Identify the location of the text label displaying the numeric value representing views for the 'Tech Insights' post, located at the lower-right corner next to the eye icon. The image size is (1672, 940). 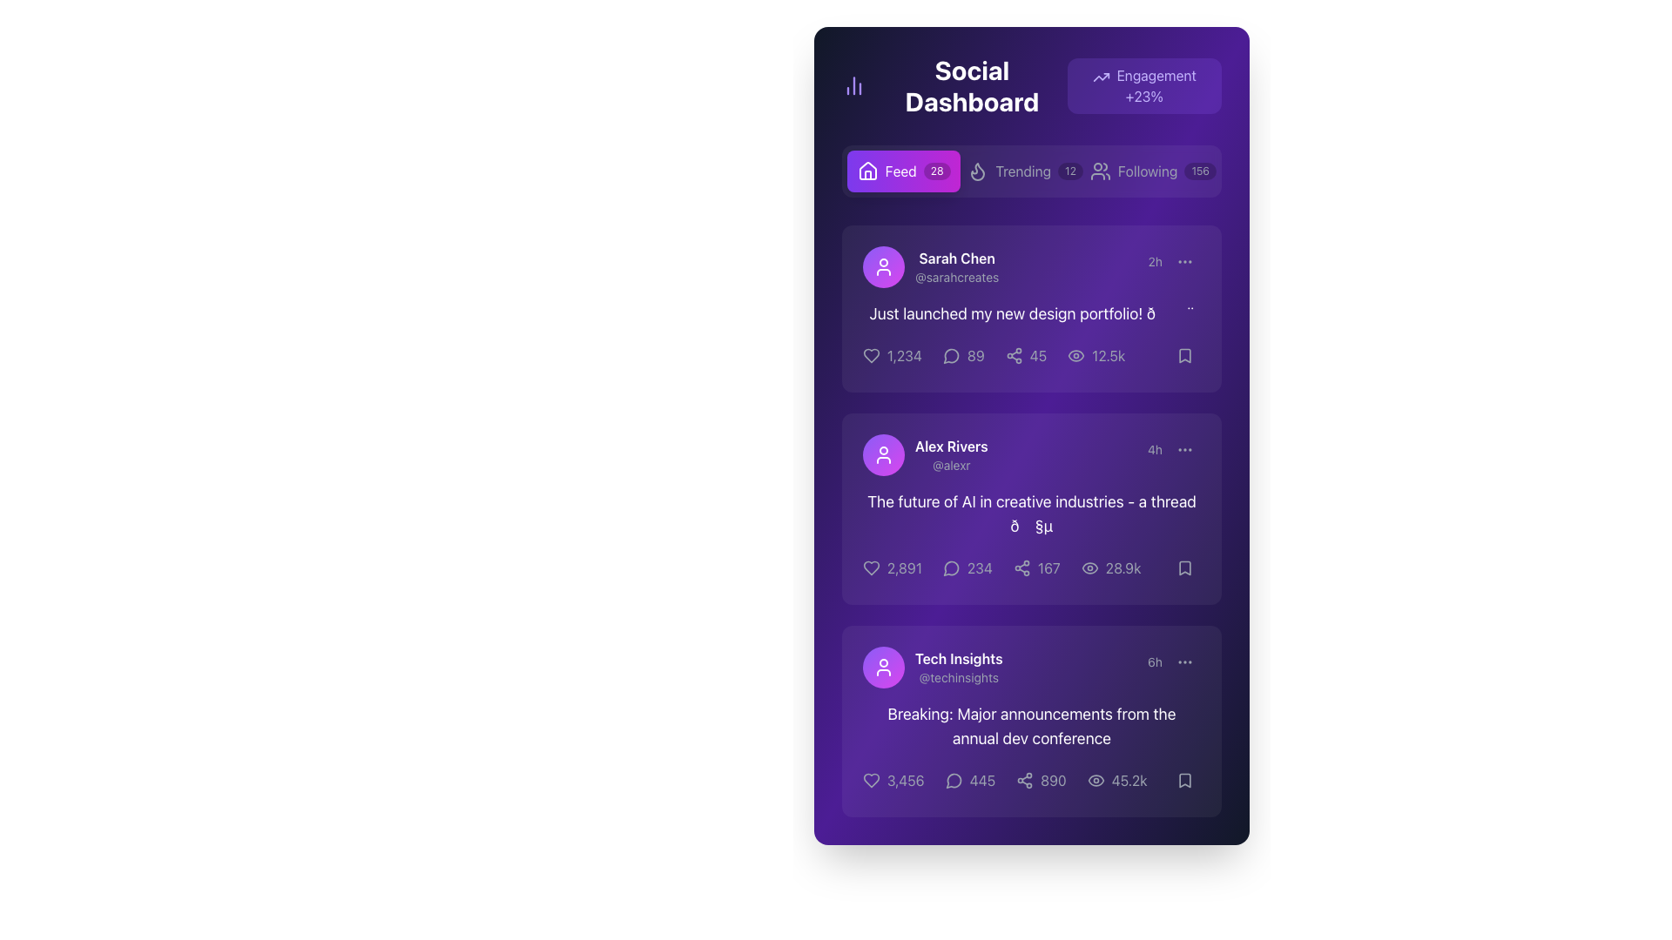
(1129, 780).